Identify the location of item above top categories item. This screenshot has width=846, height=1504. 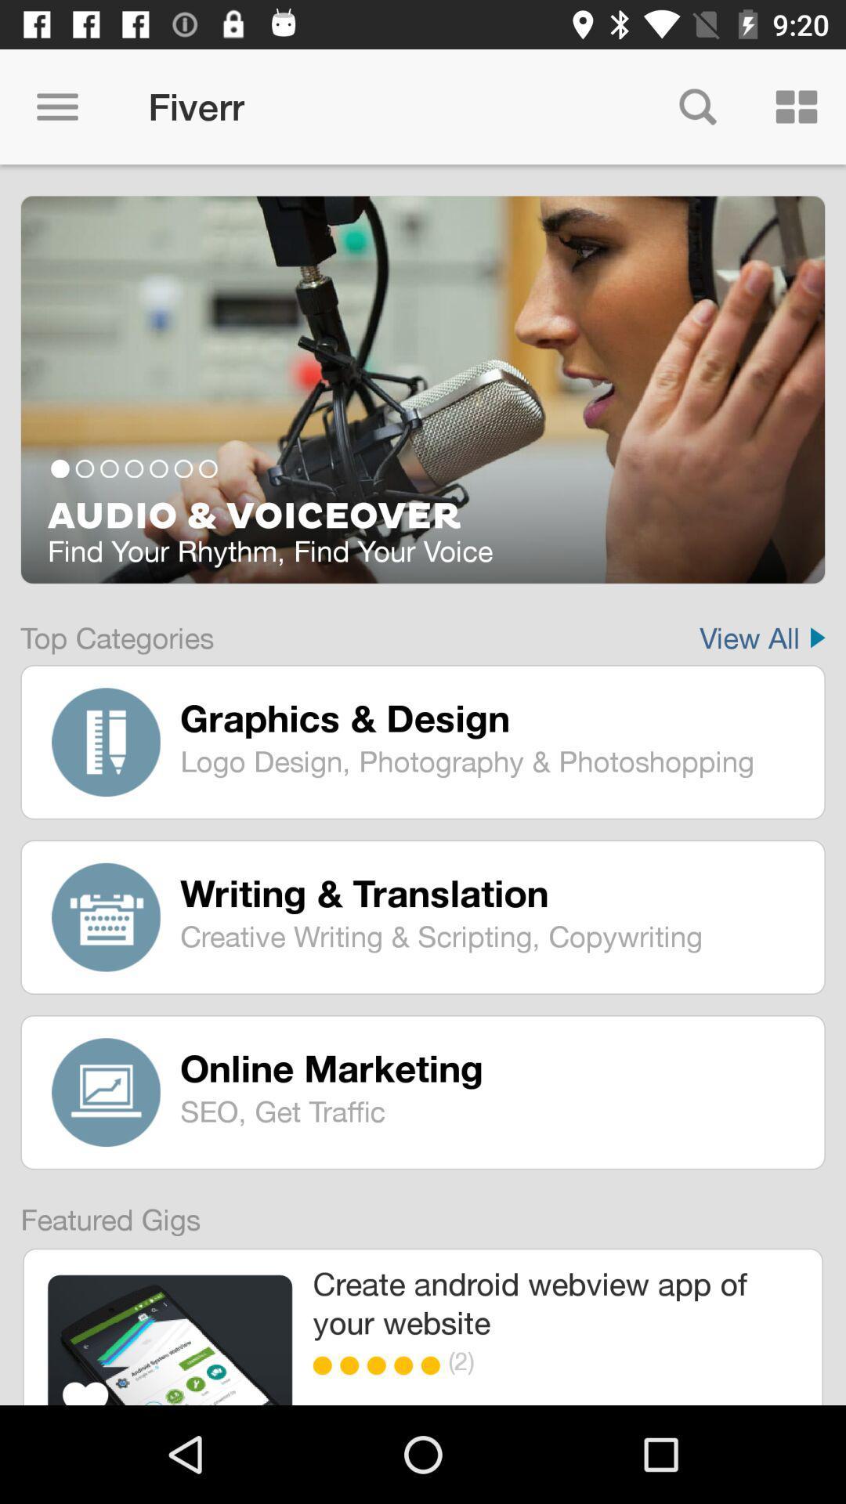
(423, 517).